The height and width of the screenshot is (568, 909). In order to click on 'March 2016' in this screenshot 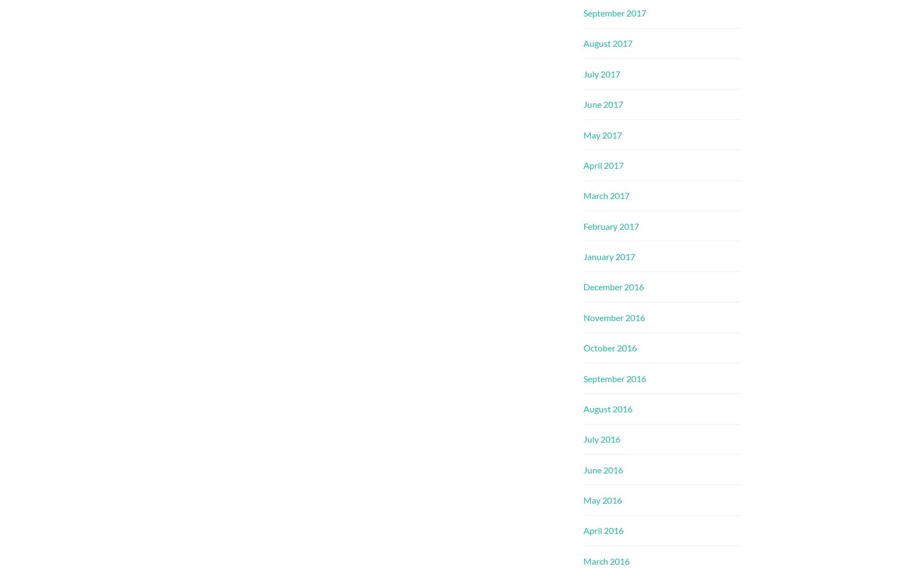, I will do `click(606, 560)`.